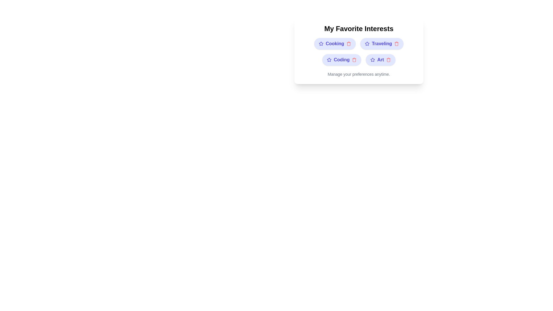 The image size is (553, 311). What do you see at coordinates (321, 43) in the screenshot?
I see `the star icon associated with the interest Cooking` at bounding box center [321, 43].